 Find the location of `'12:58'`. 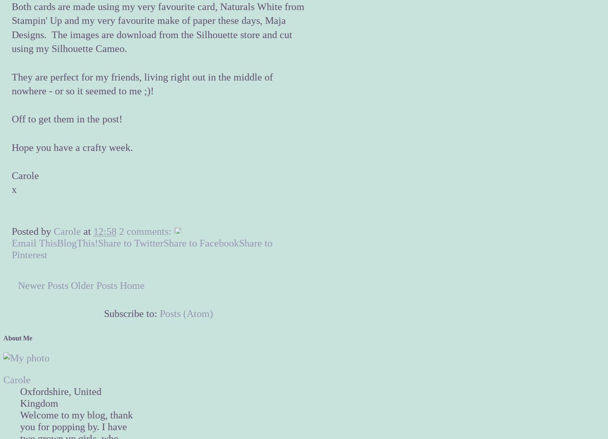

'12:58' is located at coordinates (105, 231).